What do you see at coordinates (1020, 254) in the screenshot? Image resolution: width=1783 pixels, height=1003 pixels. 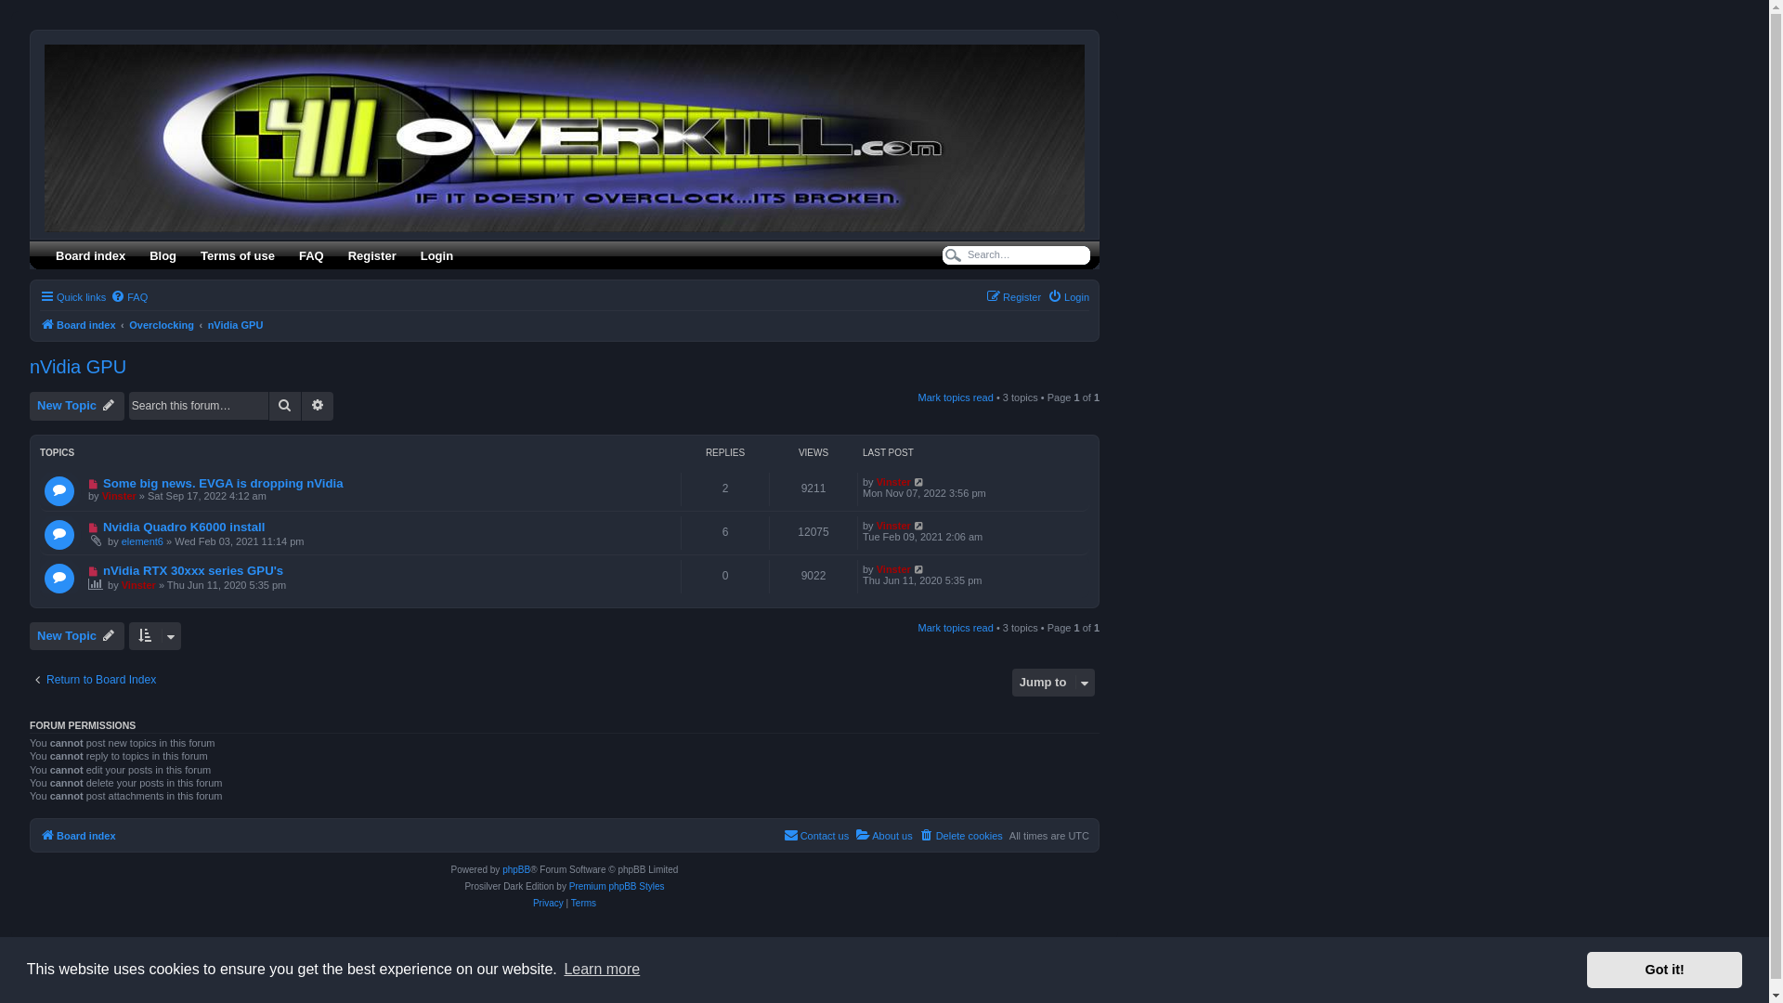 I see `'Search for keywords'` at bounding box center [1020, 254].